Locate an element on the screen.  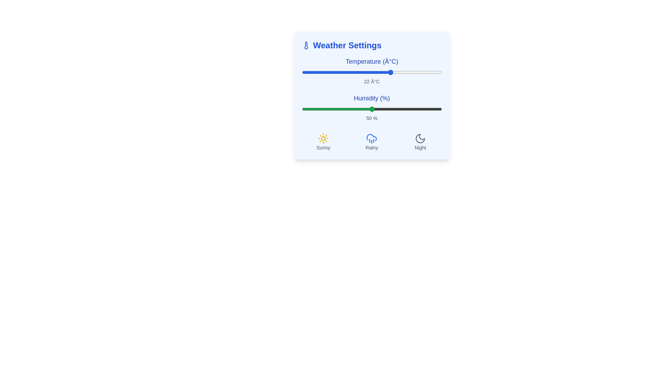
the sun icon, which is yellow with a round center and rays, located leftmost below the 'Humidity (%)' label is located at coordinates (323, 139).